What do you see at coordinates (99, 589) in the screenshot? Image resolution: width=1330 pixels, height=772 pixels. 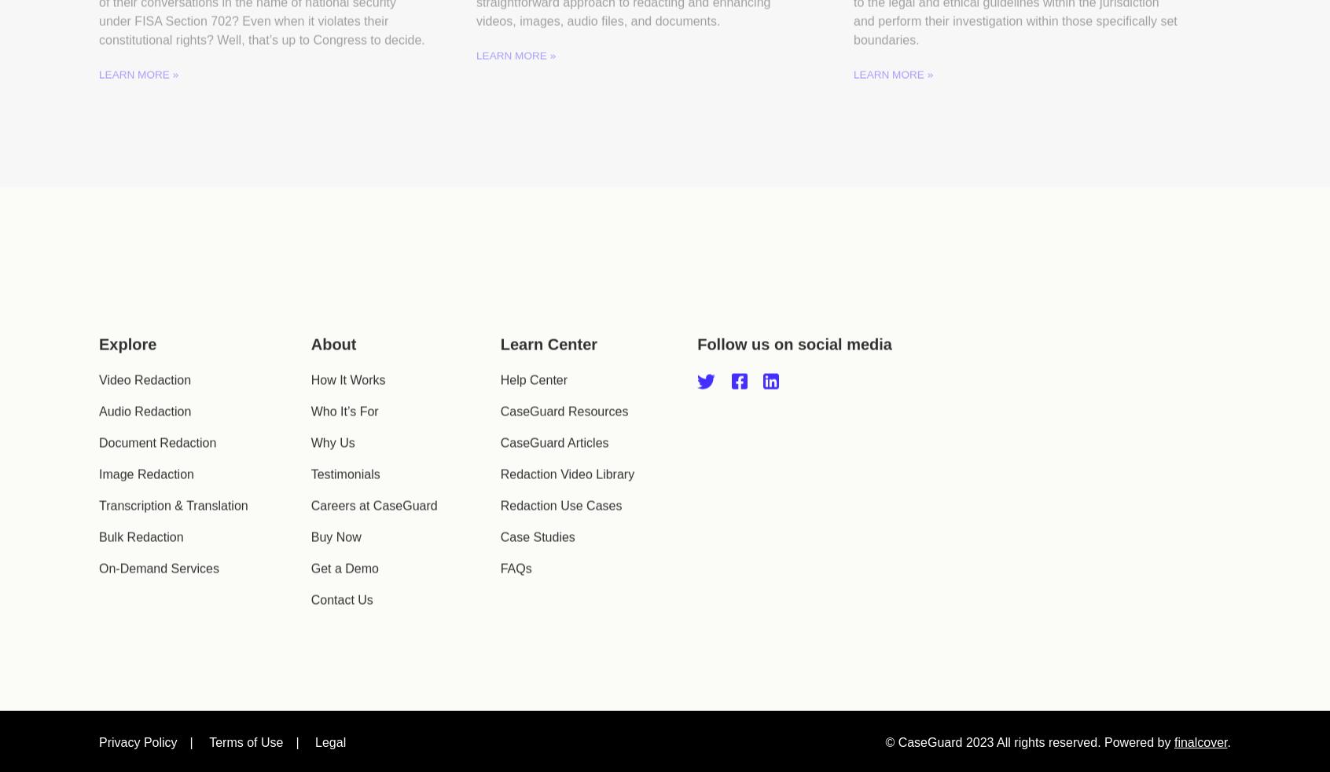 I see `'On-Demand Services'` at bounding box center [99, 589].